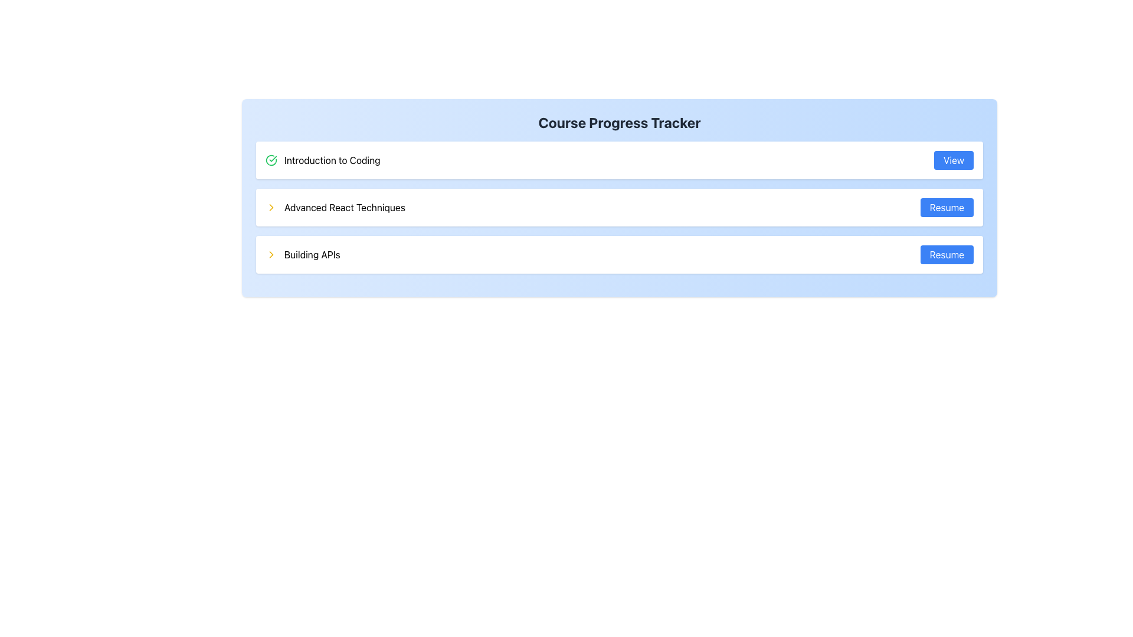 The height and width of the screenshot is (637, 1133). I want to click on the Text Label indicating the title of the first completed course in the course progression interface, so click(332, 160).